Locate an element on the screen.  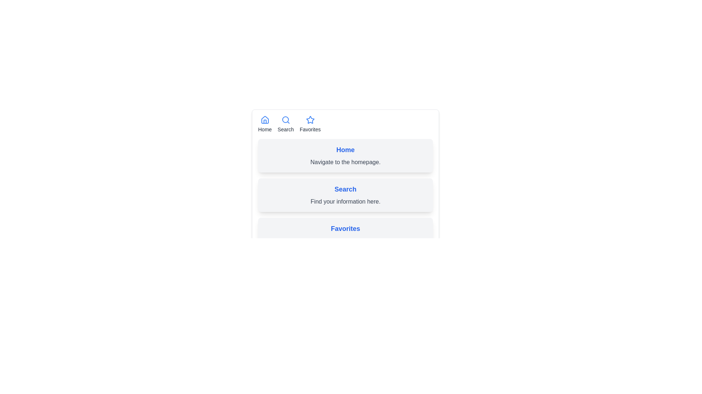
the central lens area of the search icon in the top navigation bar, which is represented by a graphical icon component is located at coordinates (285, 119).